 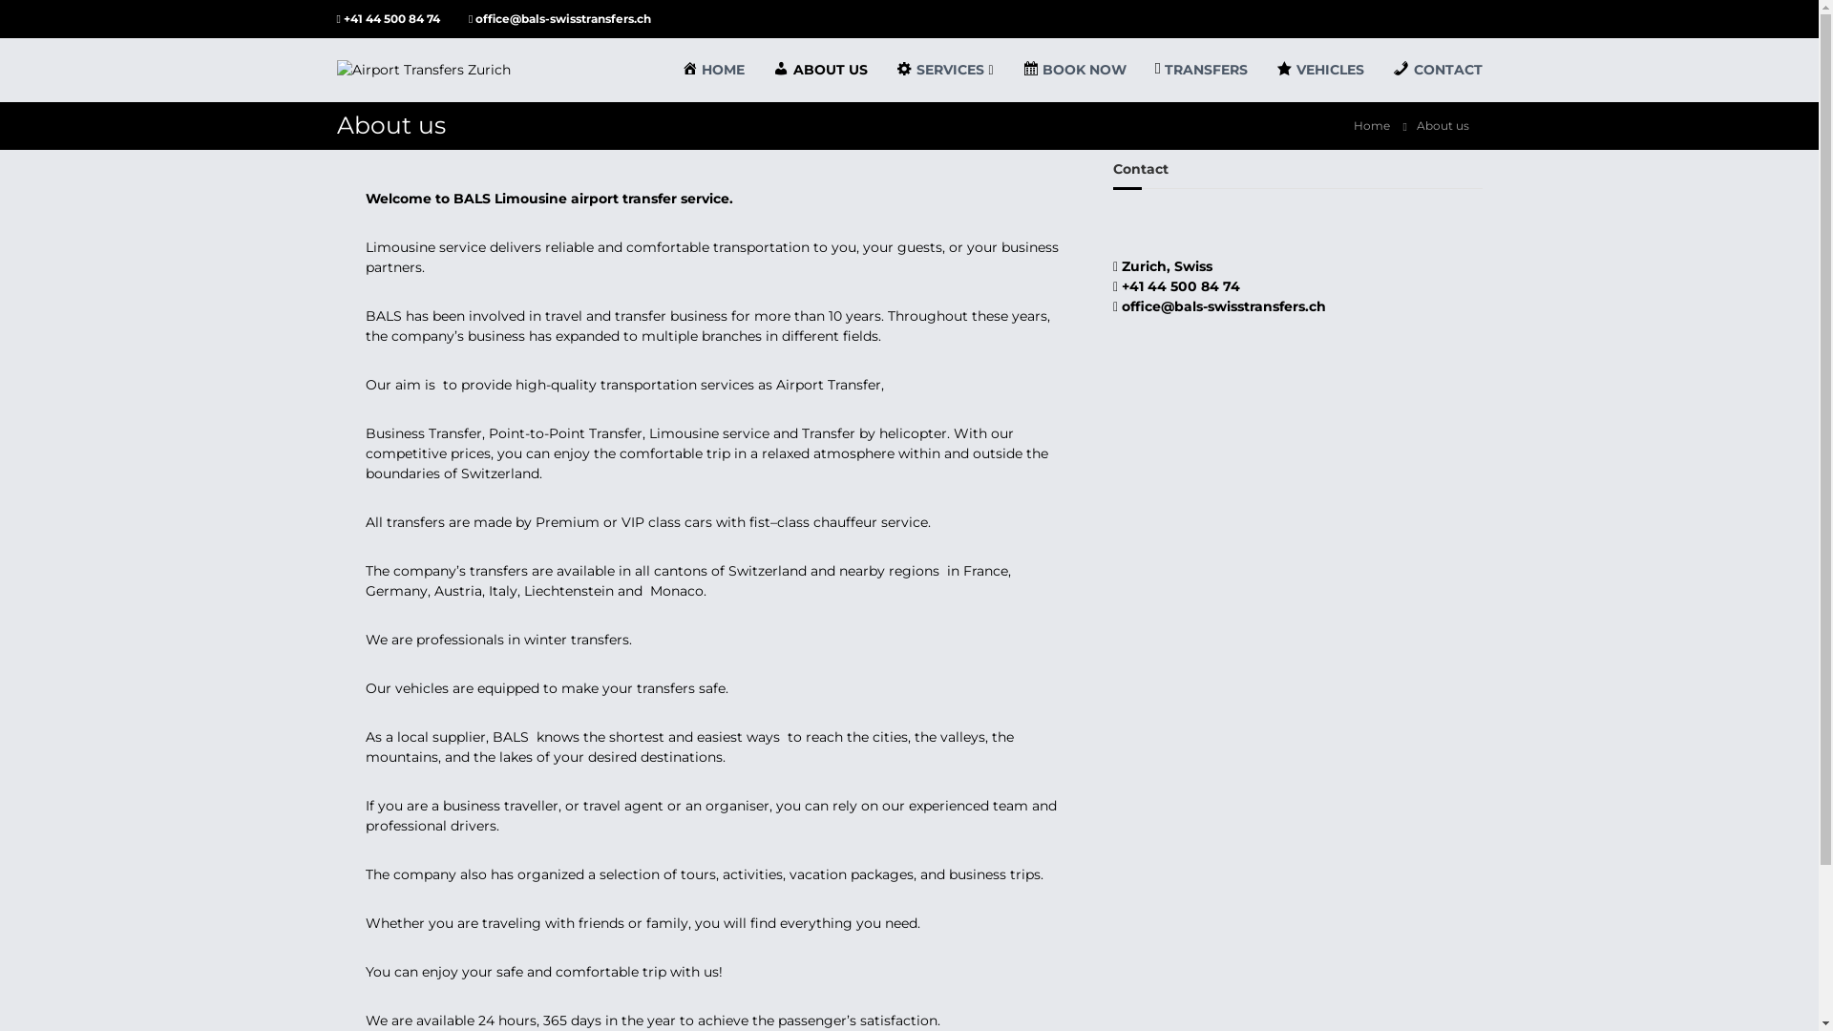 I want to click on 'ABOUT US', so click(x=820, y=69).